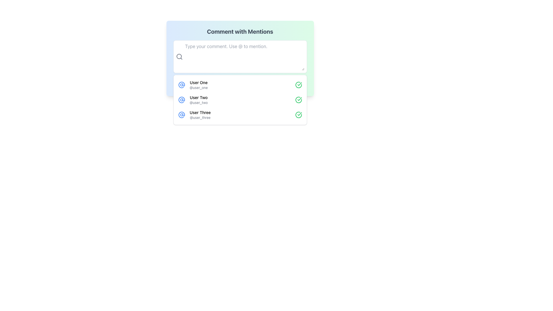  Describe the element at coordinates (300, 114) in the screenshot. I see `the green check mark inside the circular graphic indicating an approved status for the second user's entry in the list` at that location.